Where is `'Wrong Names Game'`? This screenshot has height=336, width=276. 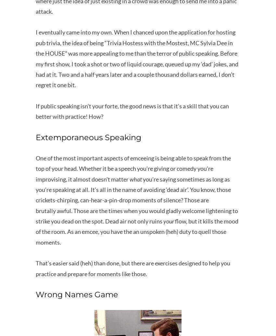 'Wrong Names Game' is located at coordinates (77, 294).